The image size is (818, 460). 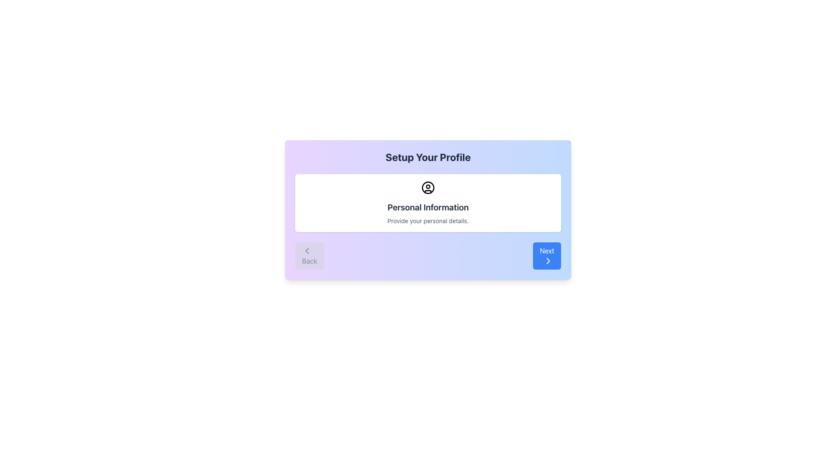 What do you see at coordinates (428, 157) in the screenshot?
I see `the 'Setup Your Profile' static text label, which is bold, large, and centered with a dark gray color on a gradient background` at bounding box center [428, 157].